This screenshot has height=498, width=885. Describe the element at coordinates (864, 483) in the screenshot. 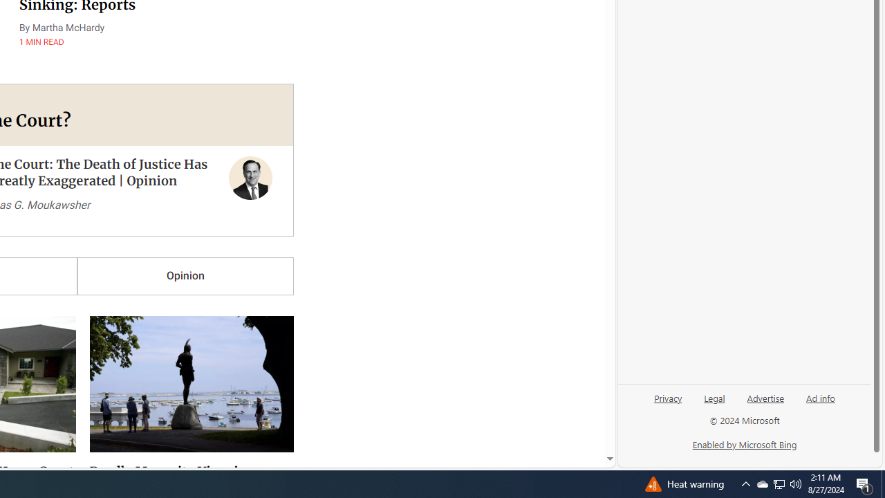

I see `'Action Center, 1 new notification'` at that location.